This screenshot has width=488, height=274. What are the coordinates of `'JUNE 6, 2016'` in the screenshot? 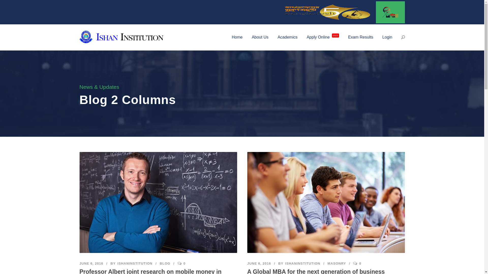 It's located at (91, 263).